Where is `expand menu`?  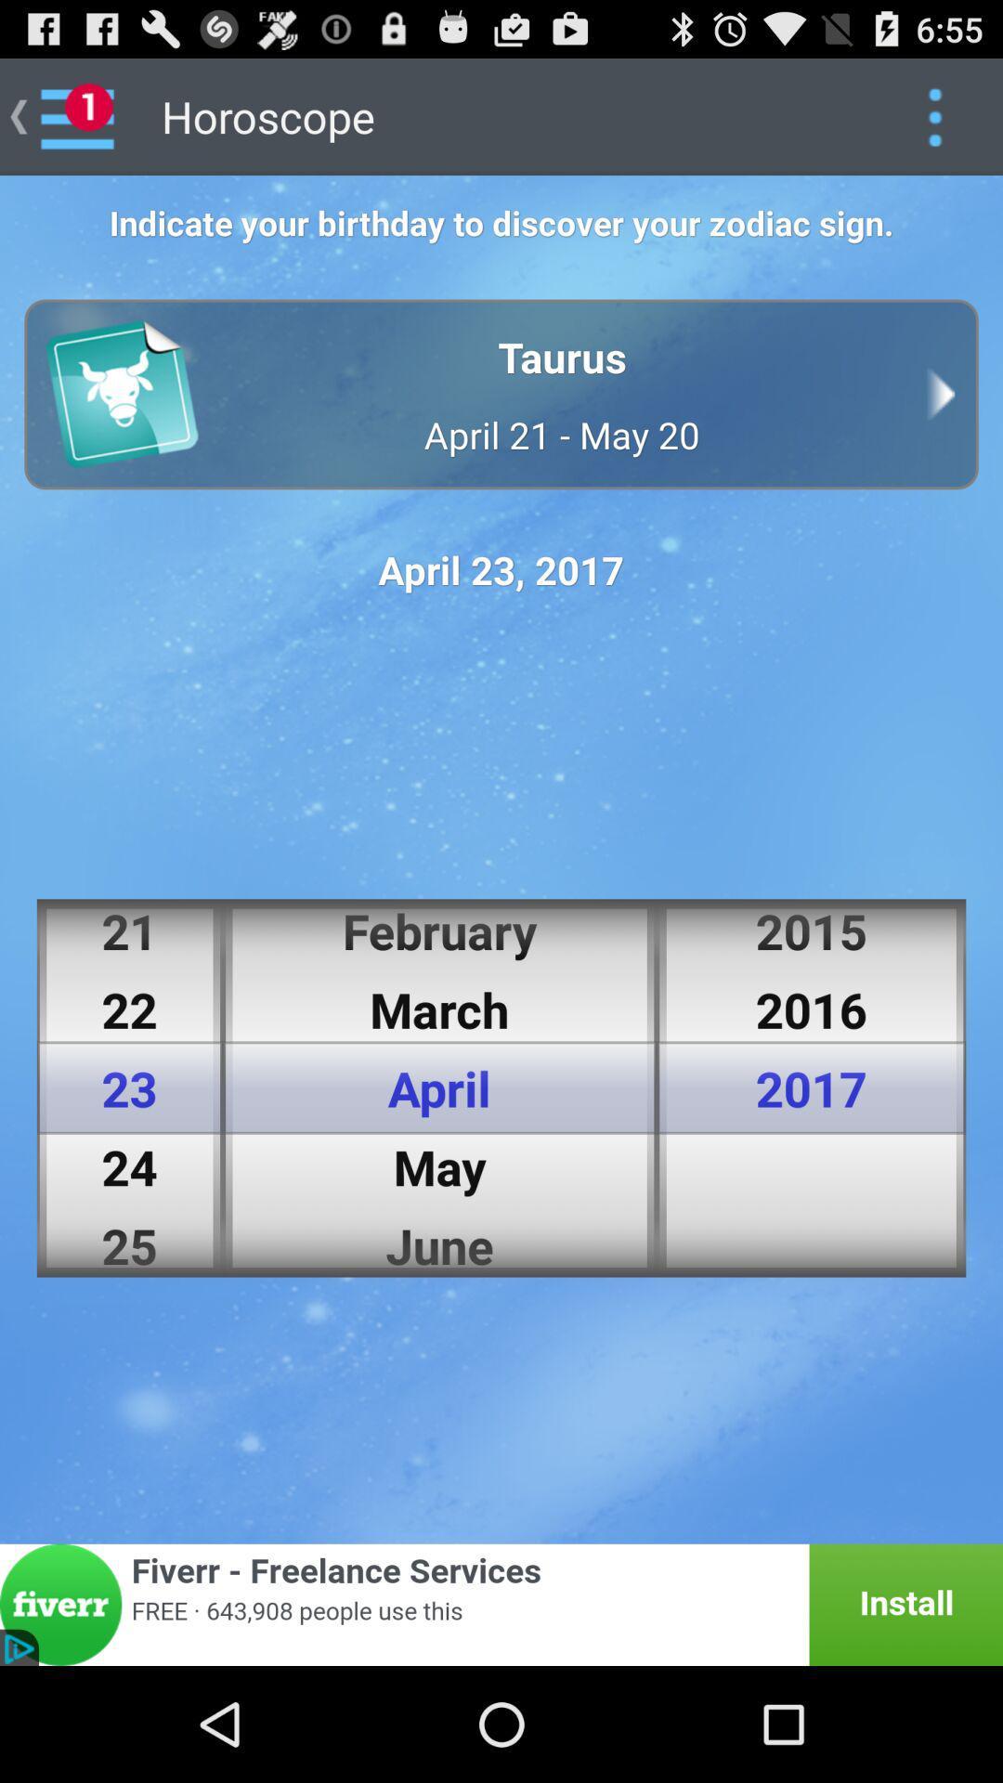 expand menu is located at coordinates (934, 115).